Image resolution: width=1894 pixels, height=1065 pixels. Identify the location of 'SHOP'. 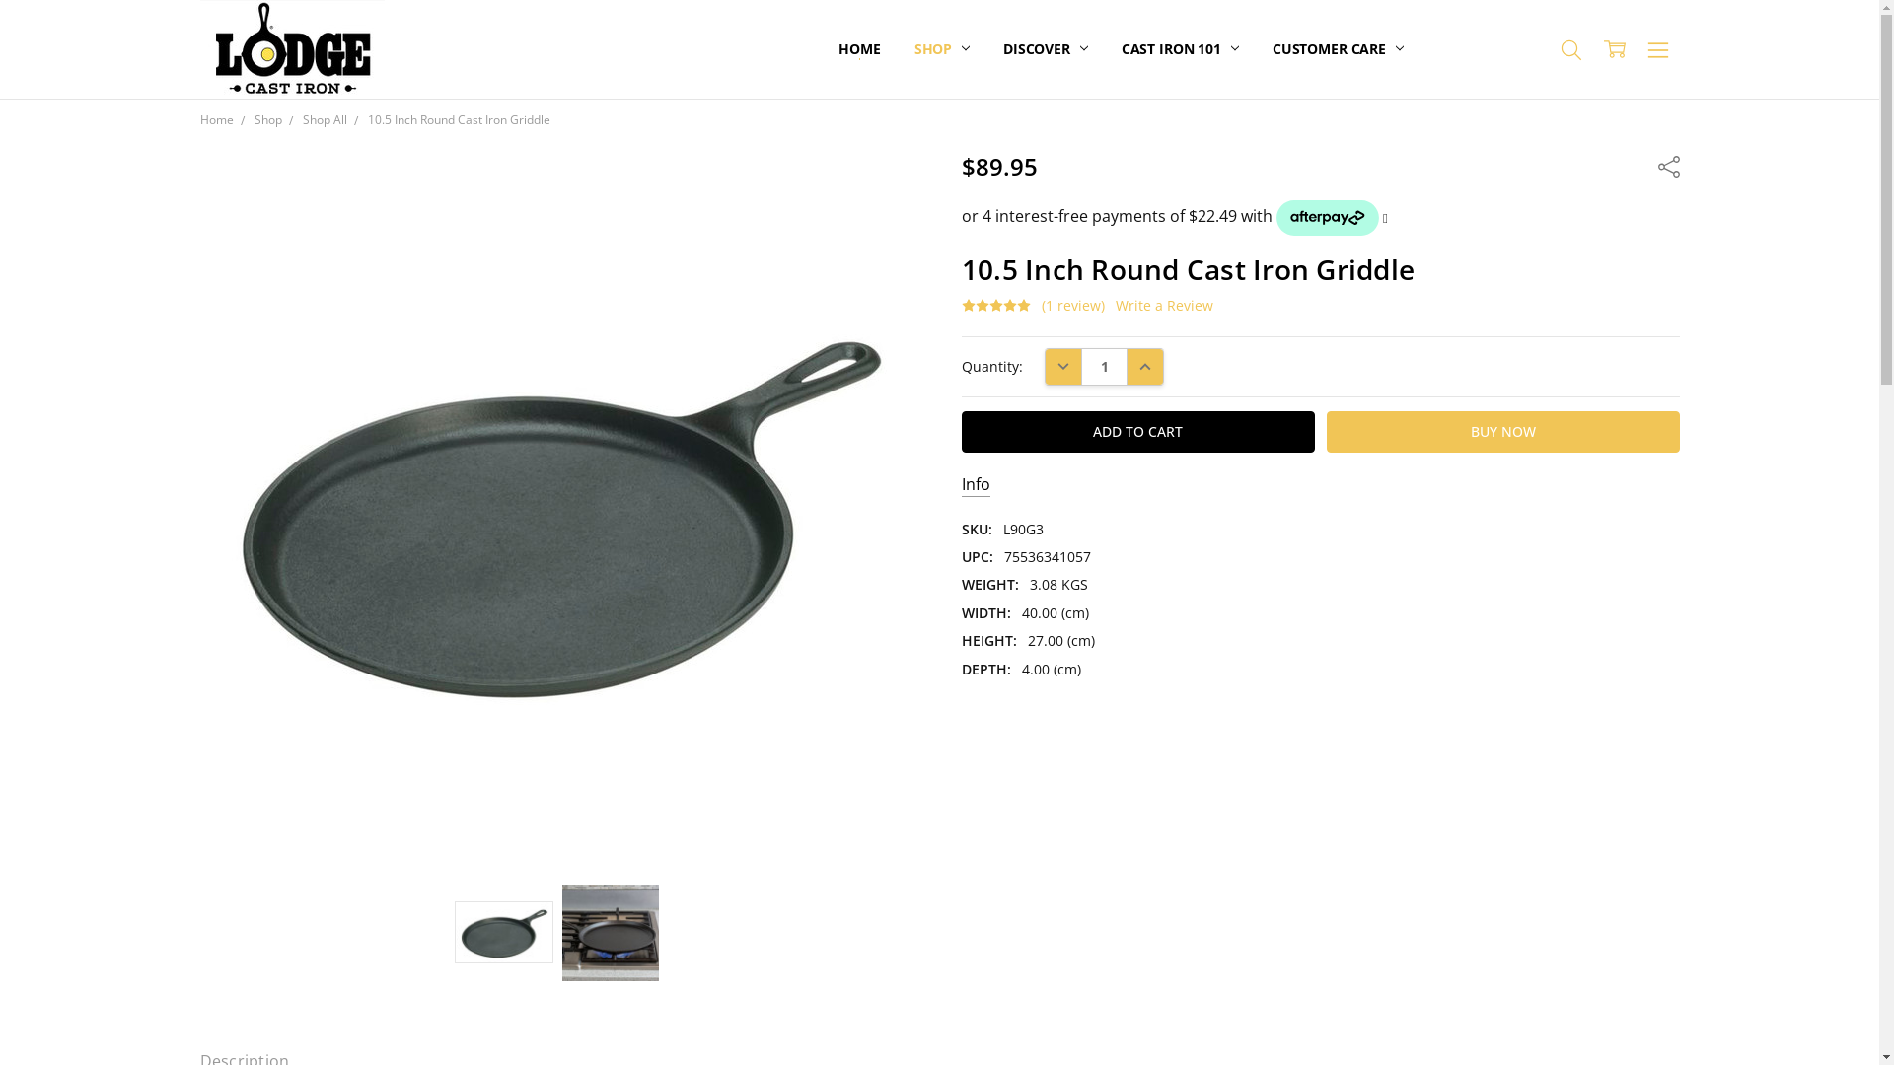
(941, 47).